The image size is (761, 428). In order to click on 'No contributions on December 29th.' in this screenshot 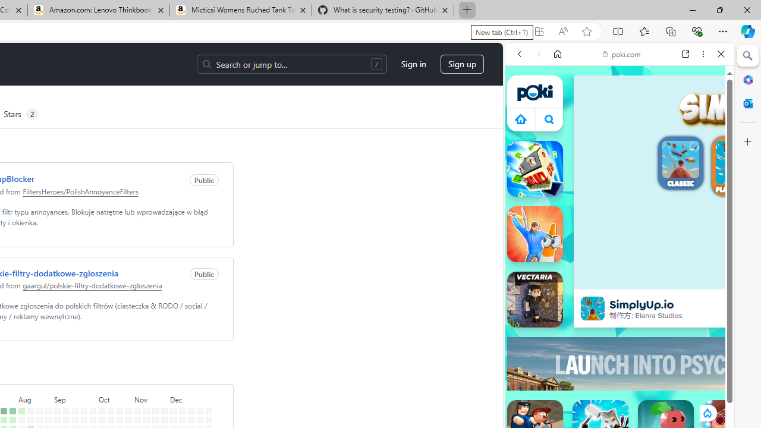, I will do `click(209, 410)`.